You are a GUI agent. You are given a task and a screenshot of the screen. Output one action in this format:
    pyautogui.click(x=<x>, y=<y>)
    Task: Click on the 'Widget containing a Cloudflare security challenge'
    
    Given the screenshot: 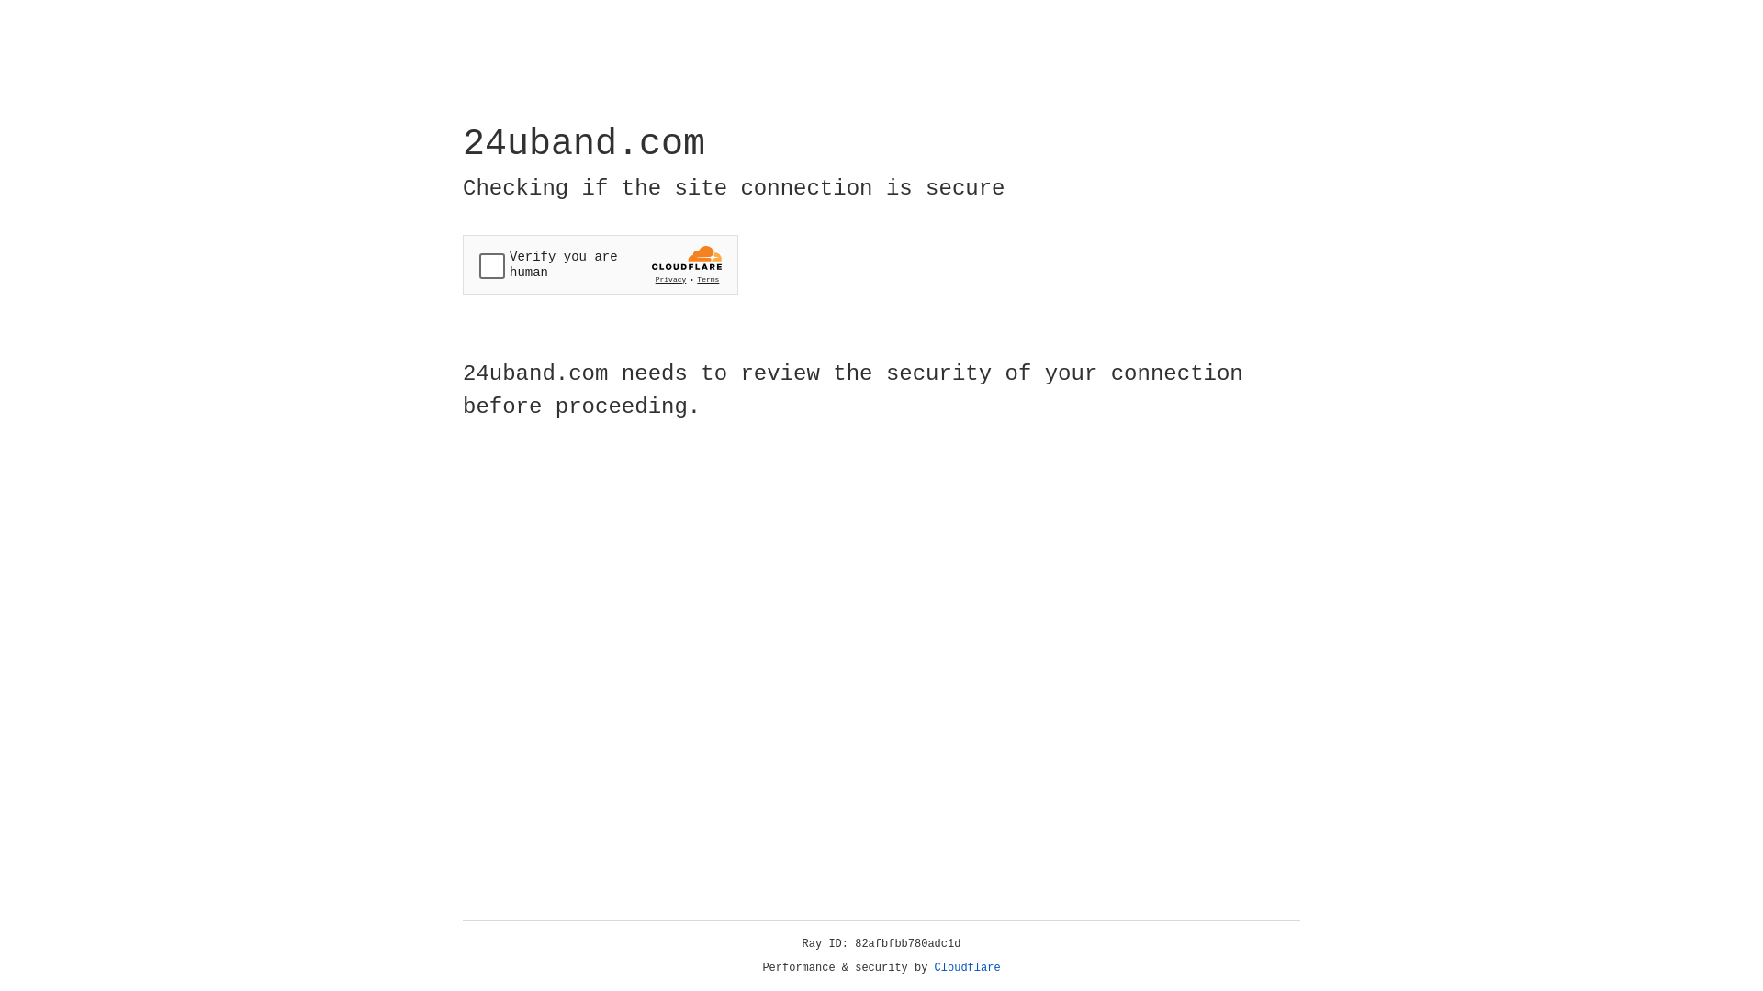 What is the action you would take?
    pyautogui.click(x=600, y=264)
    